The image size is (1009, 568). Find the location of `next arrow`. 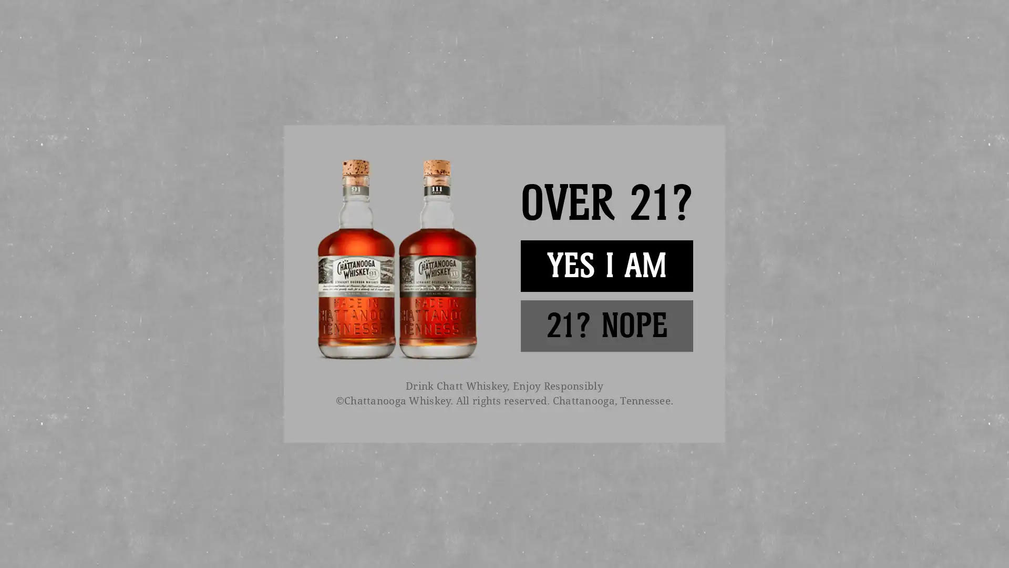

next arrow is located at coordinates (992, 353).